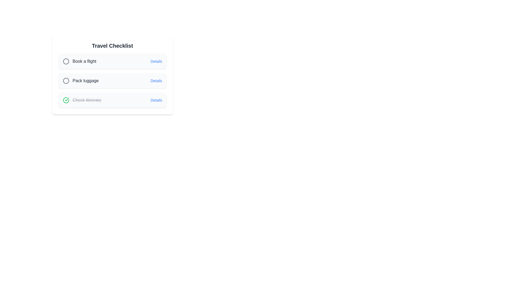 This screenshot has height=291, width=518. I want to click on text label describing the checklist item 'Pack luggage', which is the second option in the 'Travel Checklist' layout, located below 'Book a flight' and above 'Check itinerary', so click(85, 81).